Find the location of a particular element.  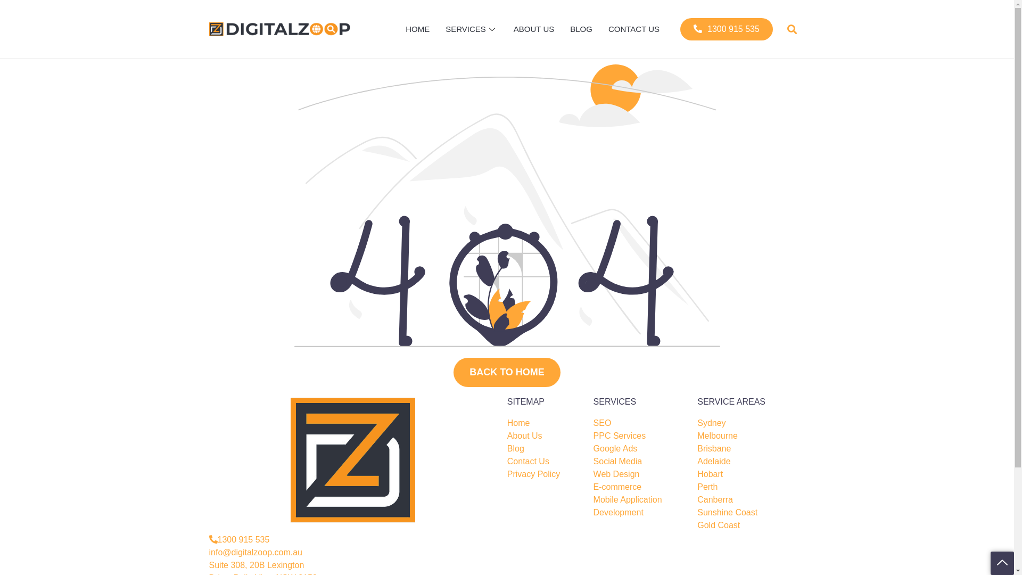

'About Us' is located at coordinates (524, 436).